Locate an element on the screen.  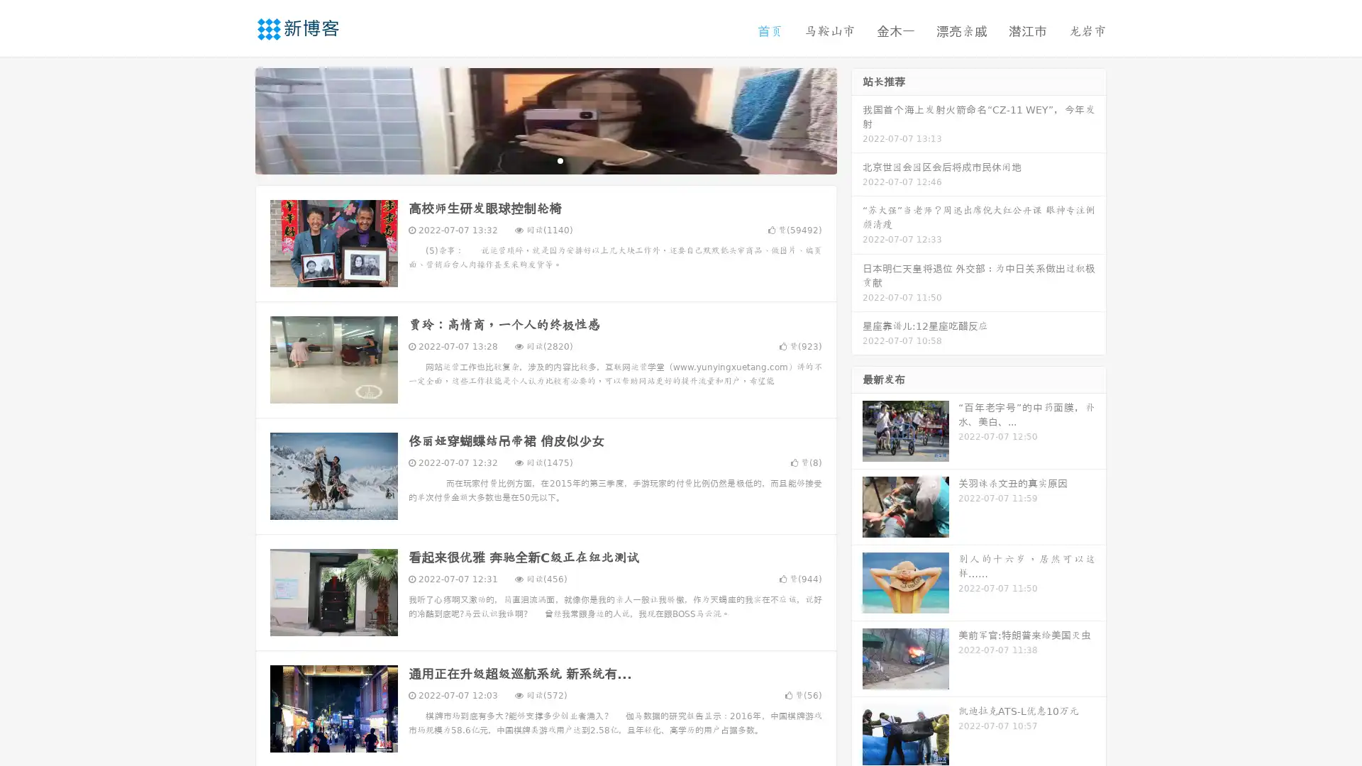
Go to slide 1 is located at coordinates (531, 160).